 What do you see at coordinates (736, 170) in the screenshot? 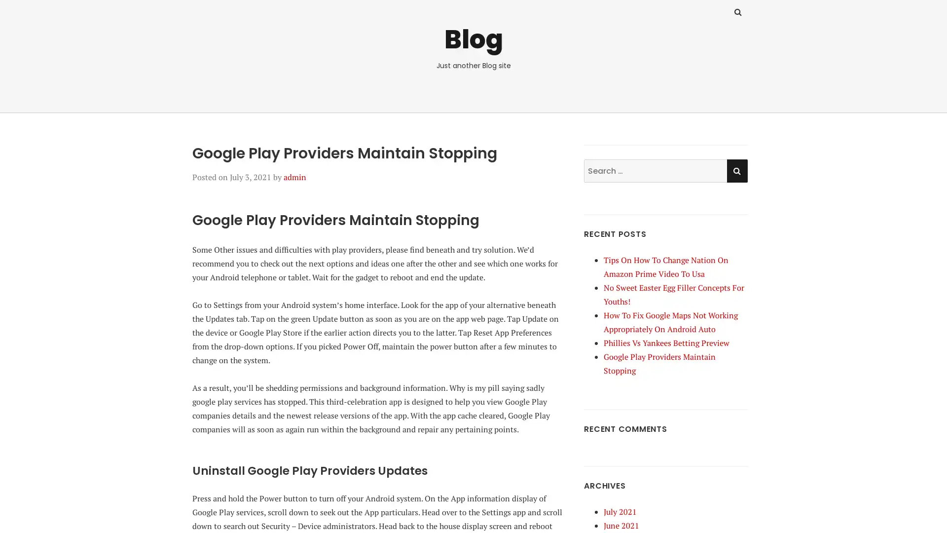
I see `SEARCH` at bounding box center [736, 170].